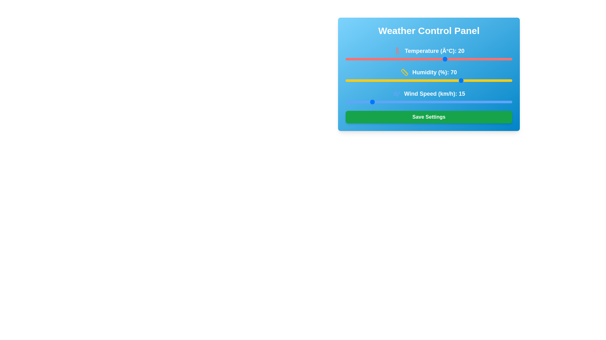  I want to click on the horizontal range slider, which is a narrow red bar with rounded ends, positioned below the label 'Temperature (°C): 20', to adjust the slider, so click(429, 59).